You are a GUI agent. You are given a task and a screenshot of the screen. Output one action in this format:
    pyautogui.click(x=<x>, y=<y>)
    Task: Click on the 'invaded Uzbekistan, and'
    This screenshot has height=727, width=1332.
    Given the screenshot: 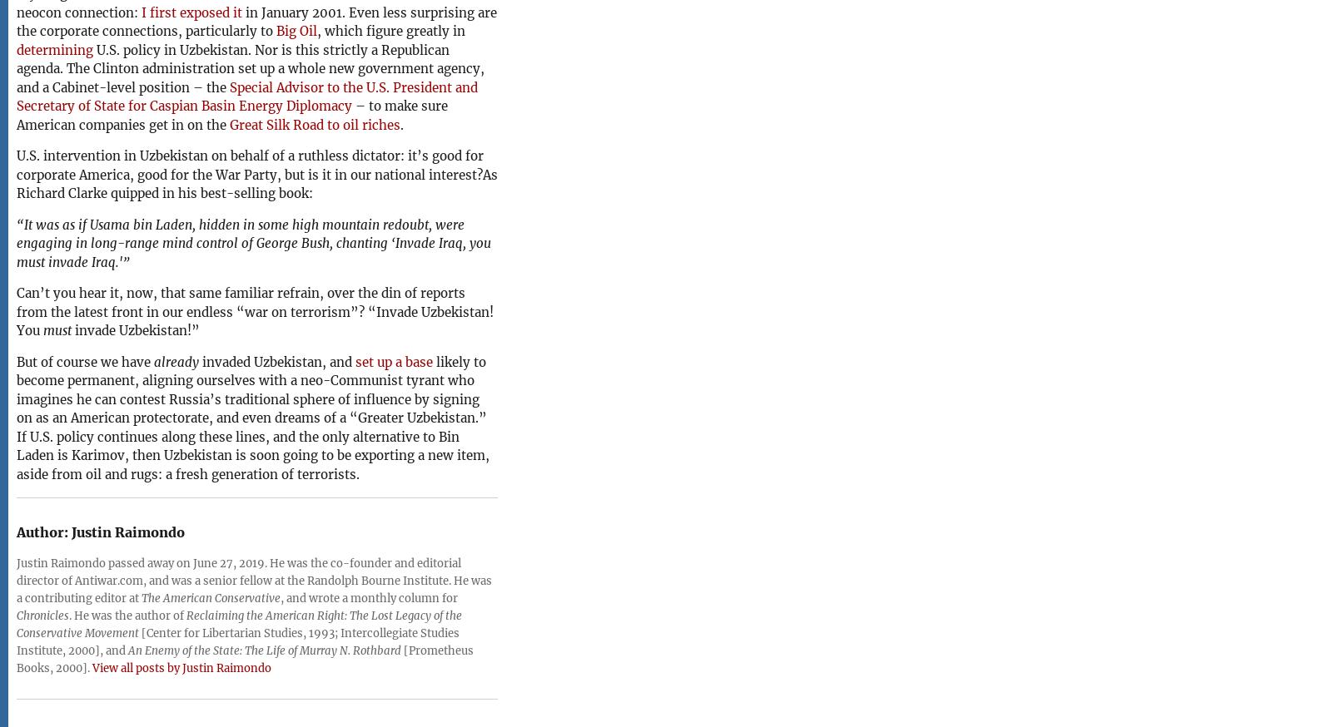 What is the action you would take?
    pyautogui.click(x=276, y=361)
    